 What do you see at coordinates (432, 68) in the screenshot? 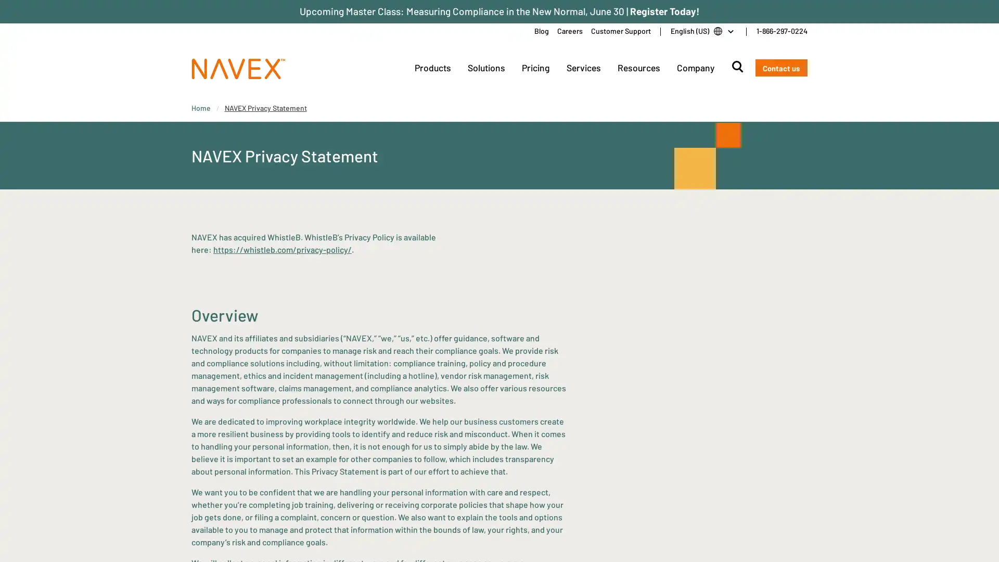
I see `Products` at bounding box center [432, 68].